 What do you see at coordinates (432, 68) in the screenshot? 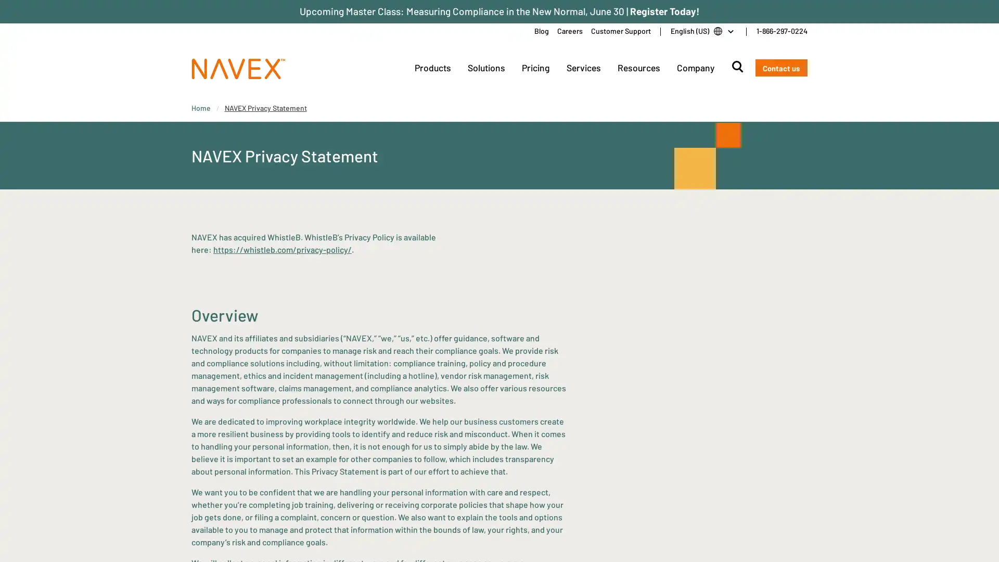
I see `Products` at bounding box center [432, 68].